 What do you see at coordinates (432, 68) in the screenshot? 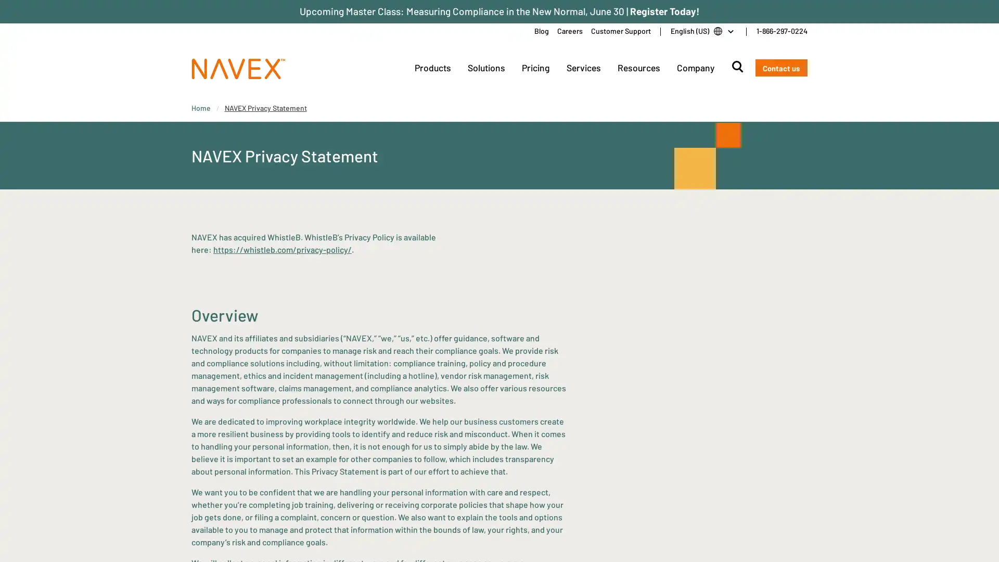
I see `Products` at bounding box center [432, 68].